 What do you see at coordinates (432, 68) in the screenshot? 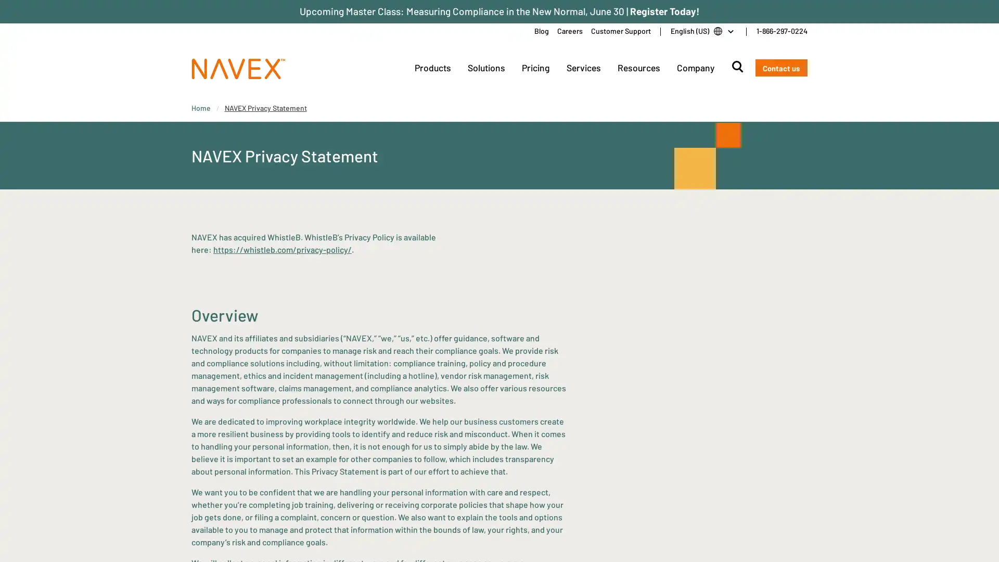
I see `Products` at bounding box center [432, 68].